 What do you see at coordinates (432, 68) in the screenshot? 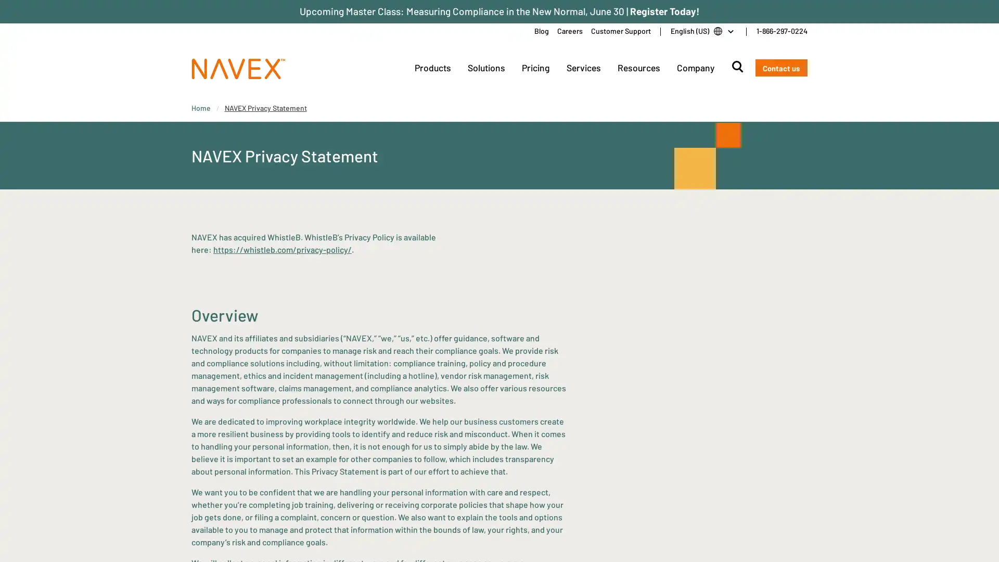
I see `Products` at bounding box center [432, 68].